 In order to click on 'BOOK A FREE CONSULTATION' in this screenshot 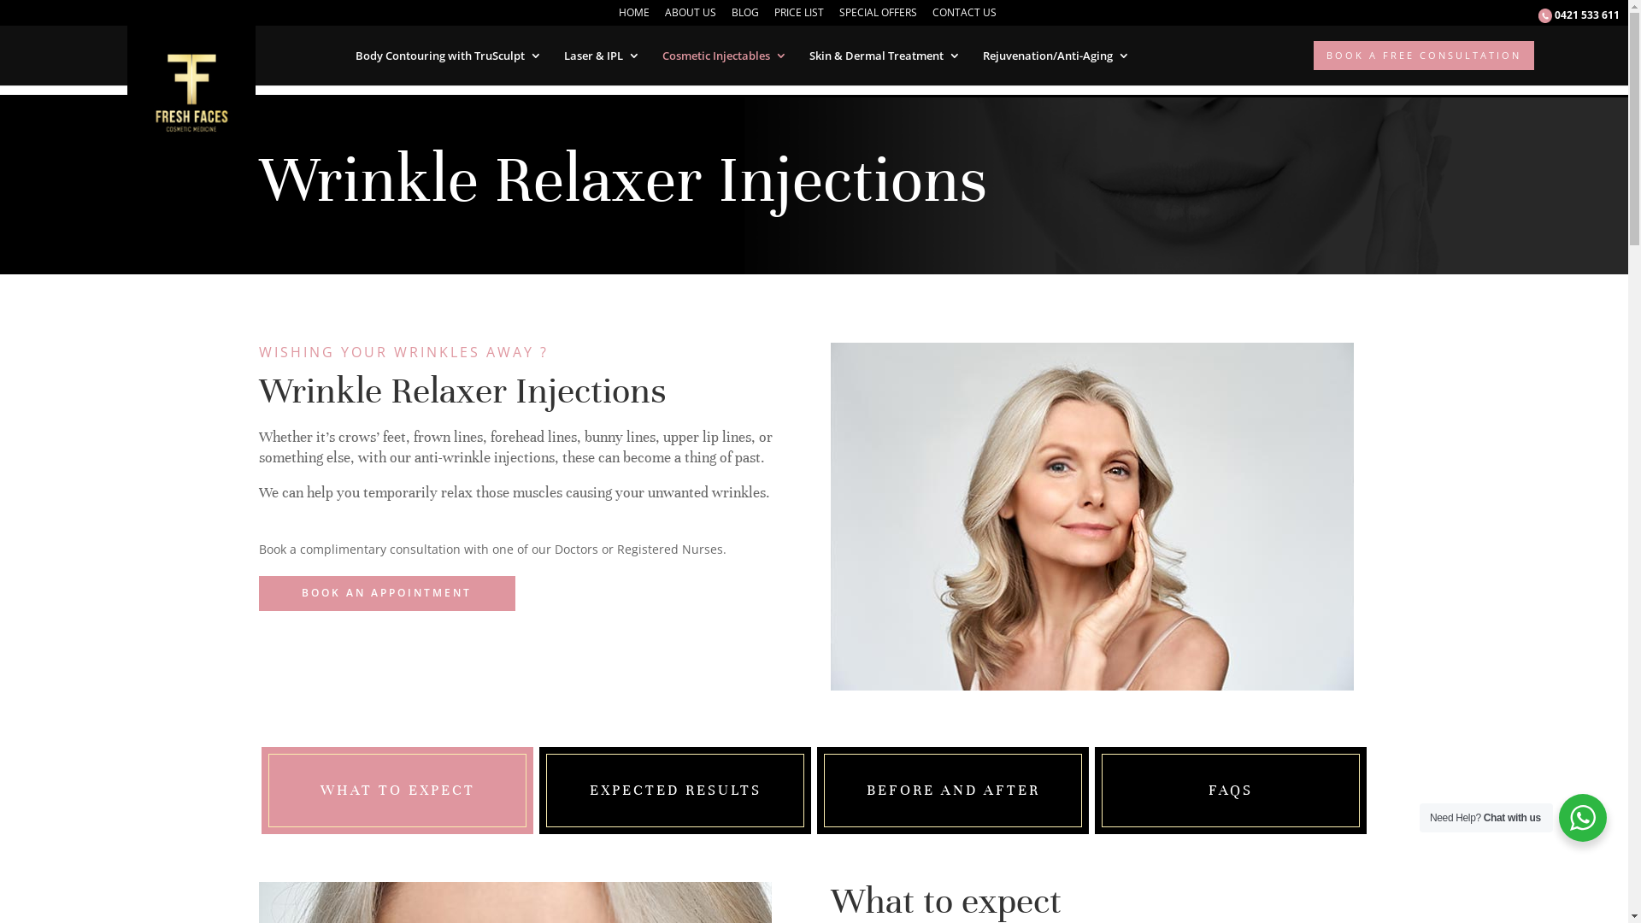, I will do `click(1423, 55)`.